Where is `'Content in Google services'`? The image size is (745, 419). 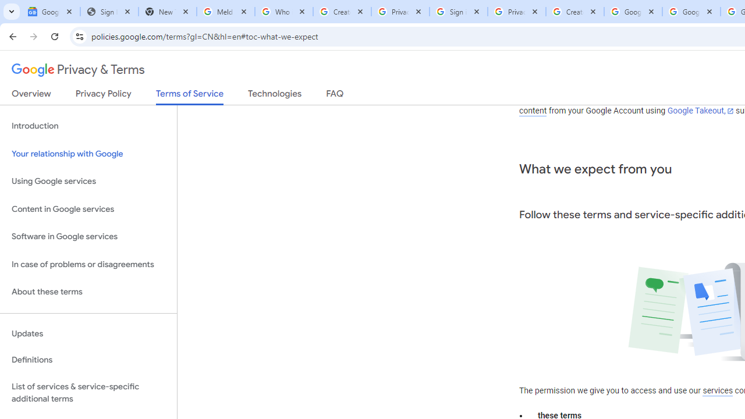 'Content in Google services' is located at coordinates (88, 208).